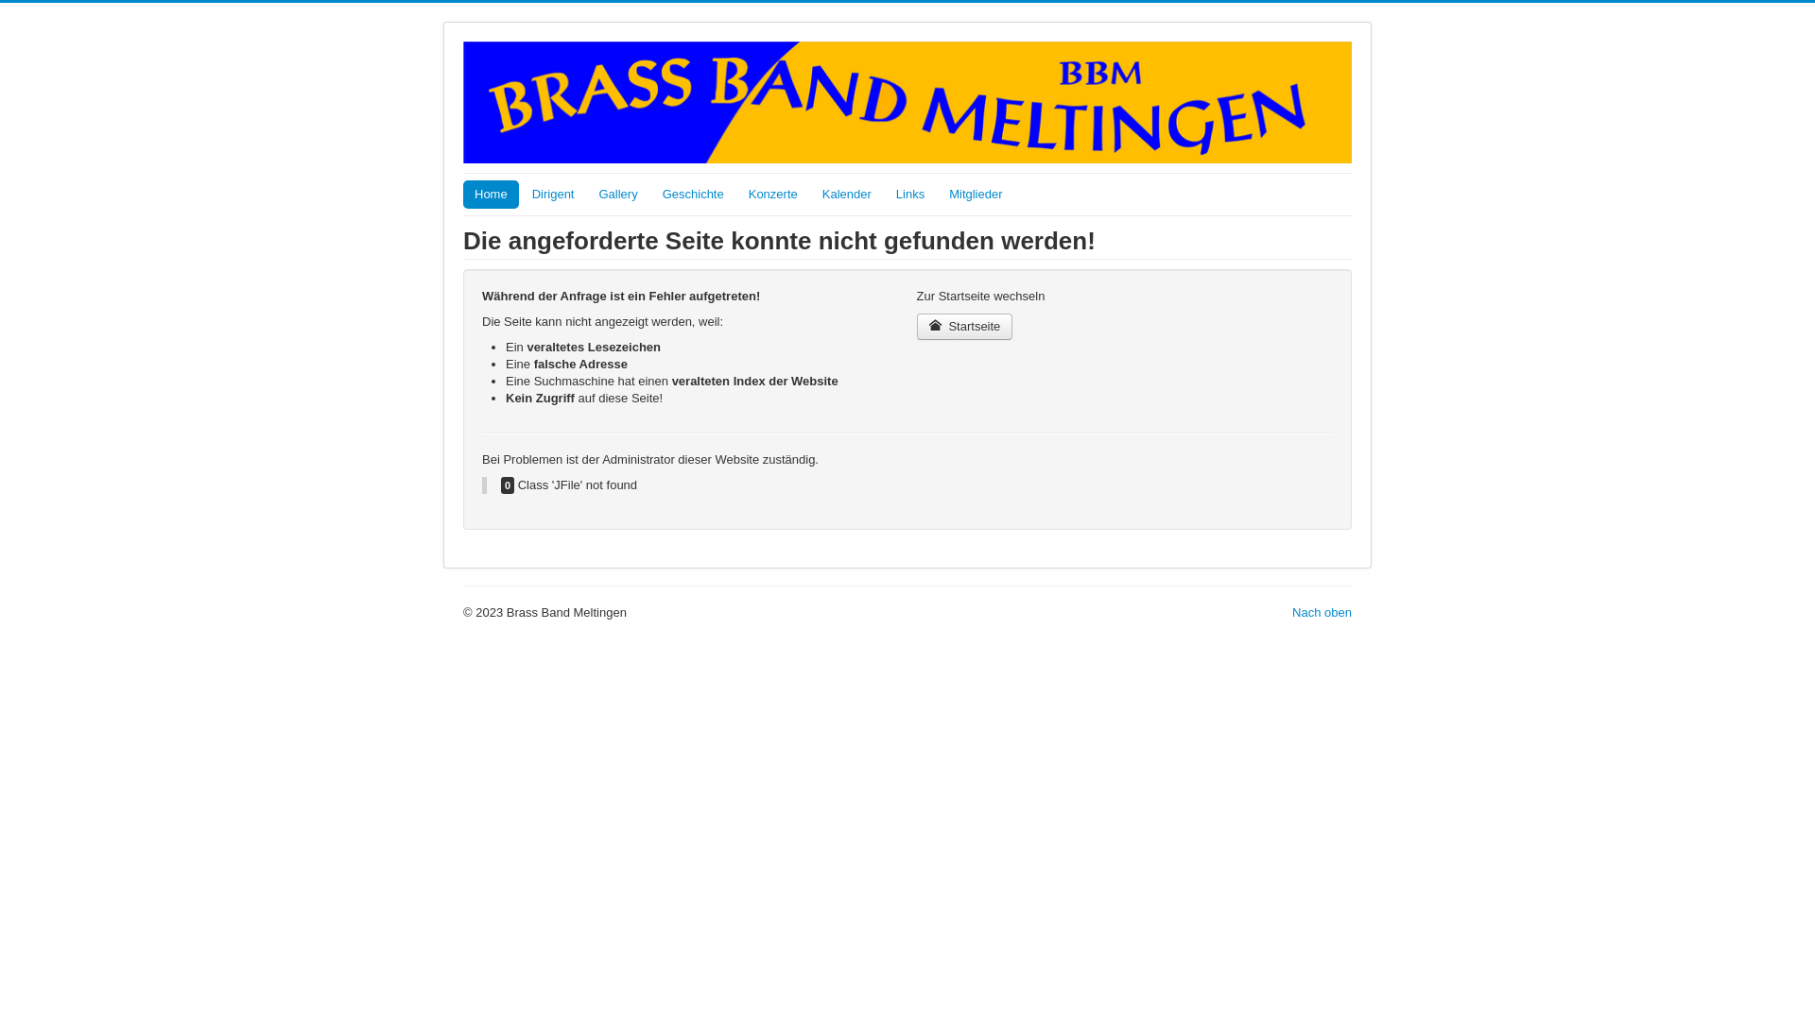 This screenshot has height=1020, width=1815. I want to click on 'Dirigent', so click(552, 194).